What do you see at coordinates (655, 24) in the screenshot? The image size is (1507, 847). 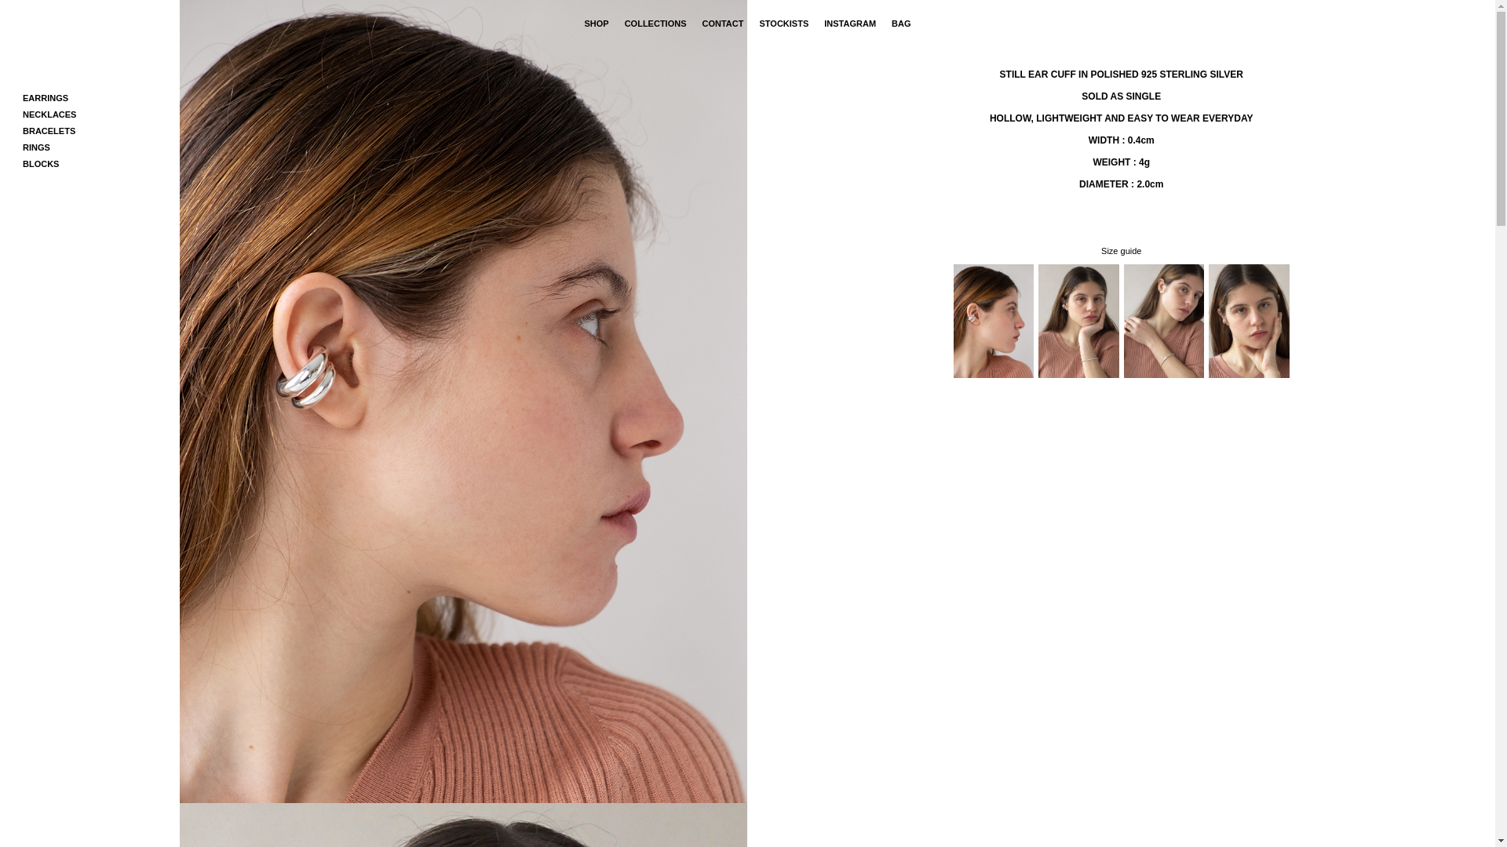 I see `'COLLECTIONS'` at bounding box center [655, 24].